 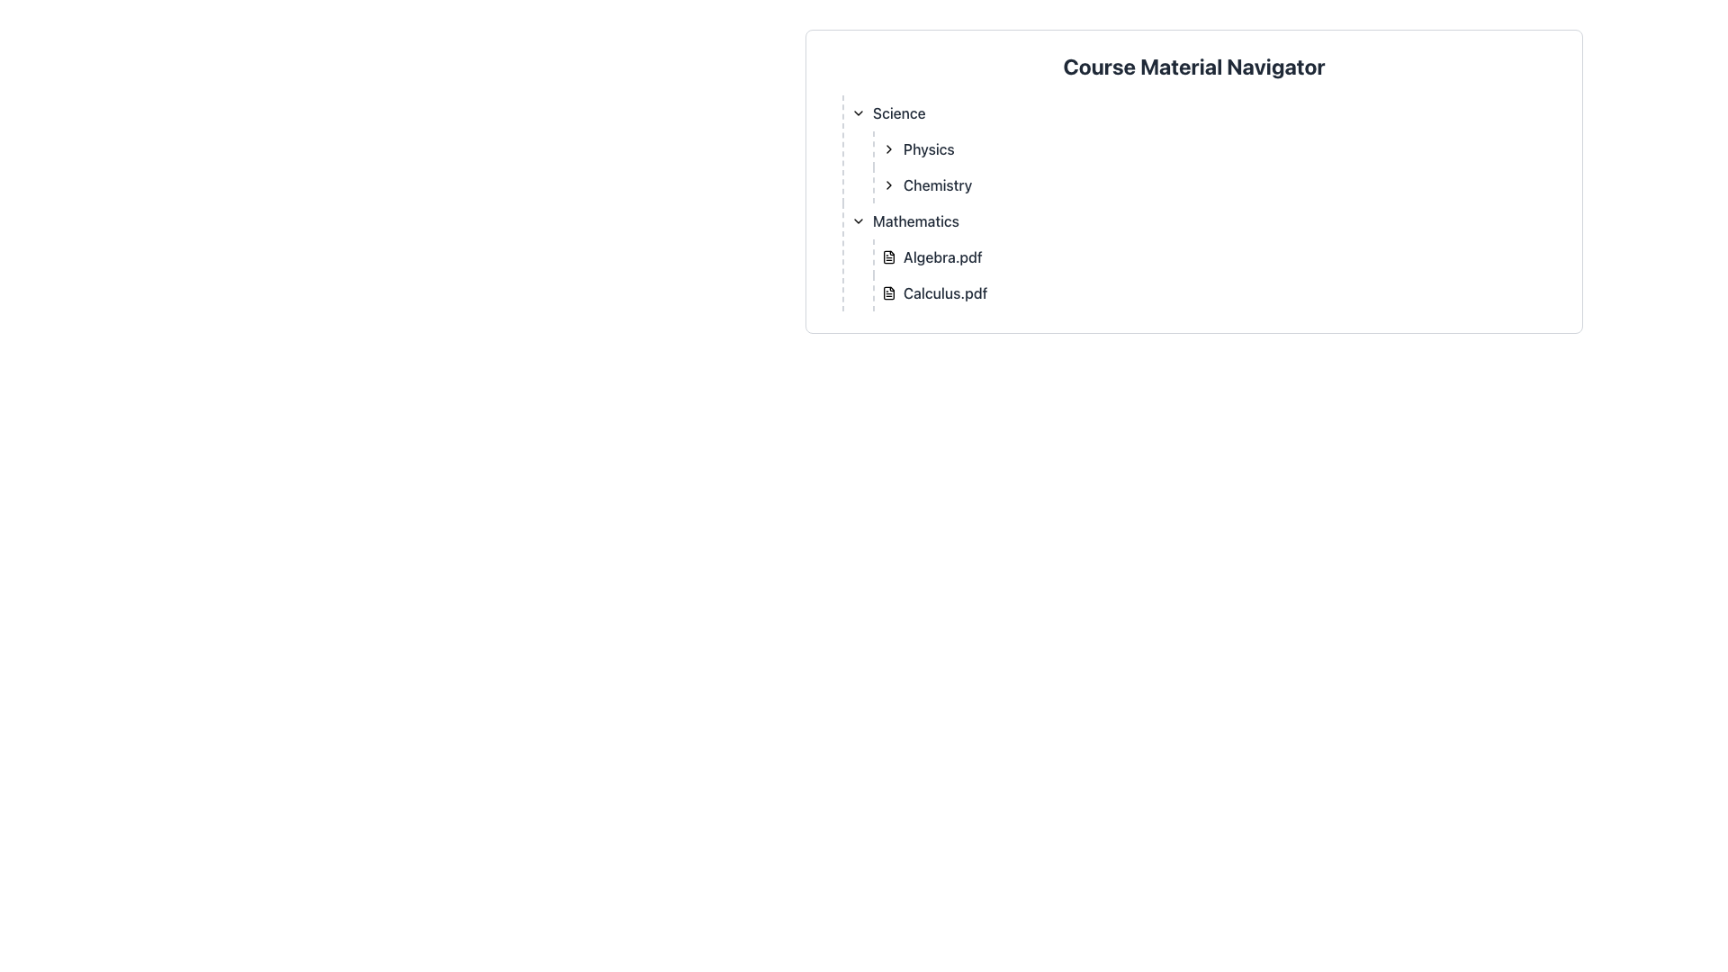 What do you see at coordinates (889, 184) in the screenshot?
I see `the small right-facing chevron icon next to the 'Chemistry' text` at bounding box center [889, 184].